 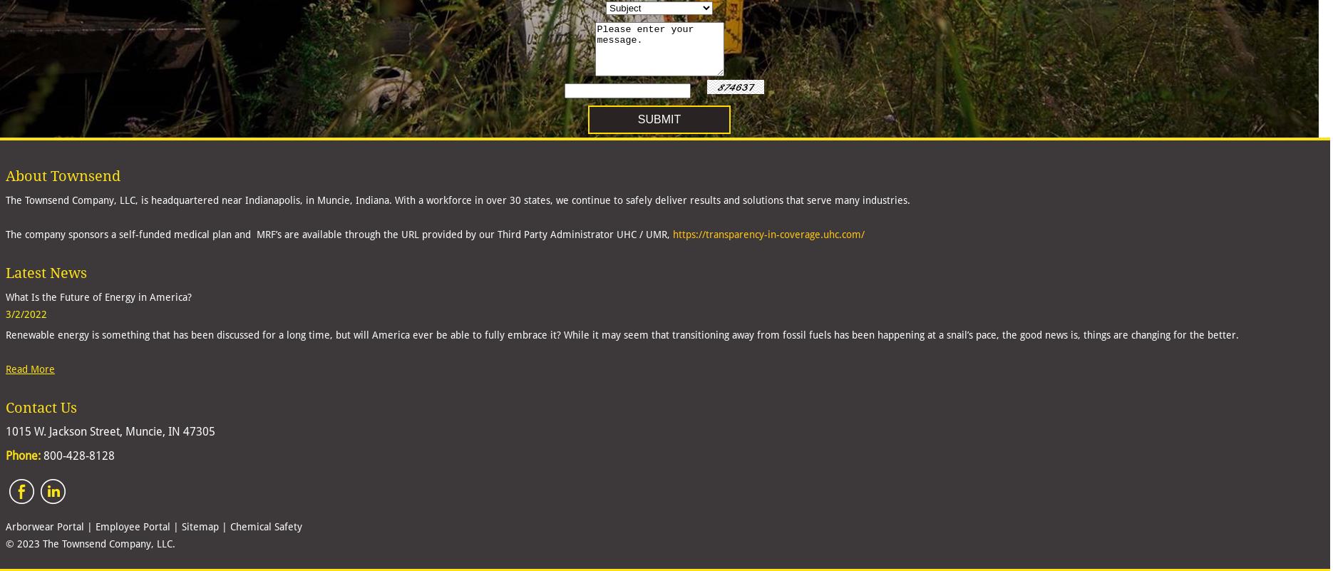 I want to click on 'The company sponsors a self-funded medical plan and  MRF’s are available through the URL provided by our Third Party Administrator', so click(x=311, y=234).